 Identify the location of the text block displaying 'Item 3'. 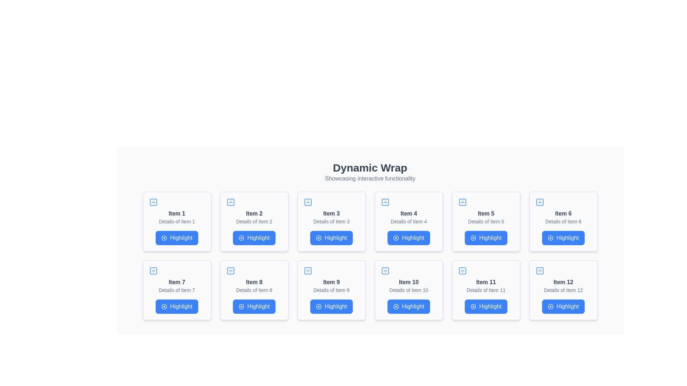
(331, 213).